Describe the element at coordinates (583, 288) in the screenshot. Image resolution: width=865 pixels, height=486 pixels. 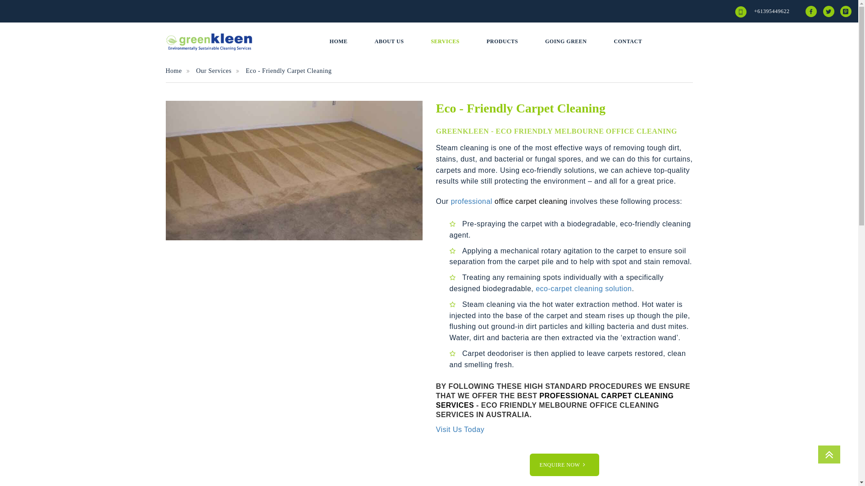
I see `'eco-carpet cleaning solution'` at that location.